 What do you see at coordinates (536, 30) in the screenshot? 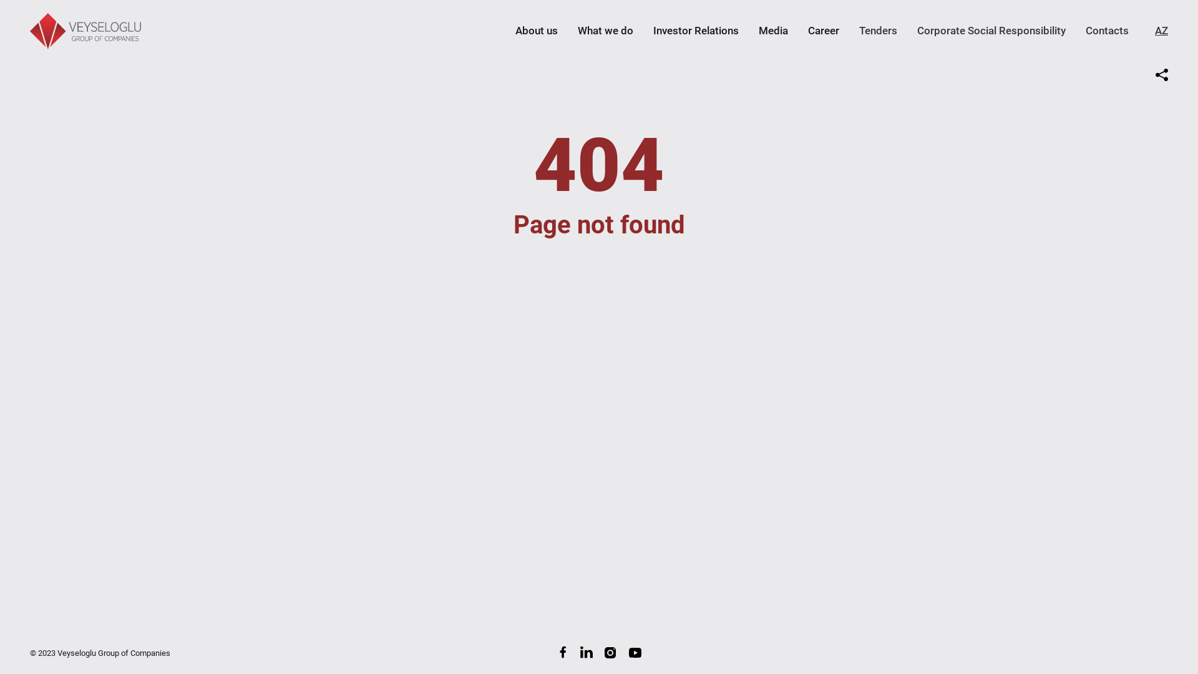
I see `'About us'` at bounding box center [536, 30].